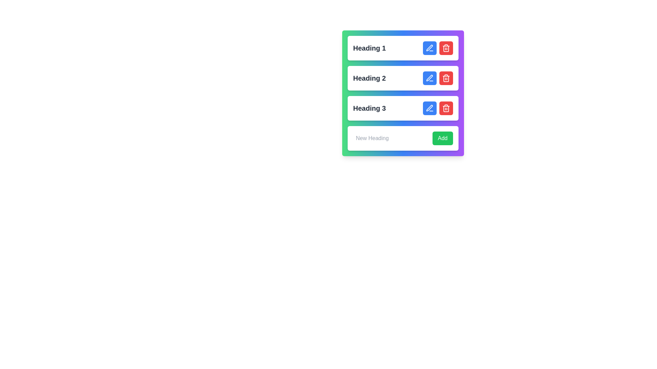  I want to click on the red button with a white trash can icon located on the far right side of the controls associated with 'Heading 3', so click(446, 108).